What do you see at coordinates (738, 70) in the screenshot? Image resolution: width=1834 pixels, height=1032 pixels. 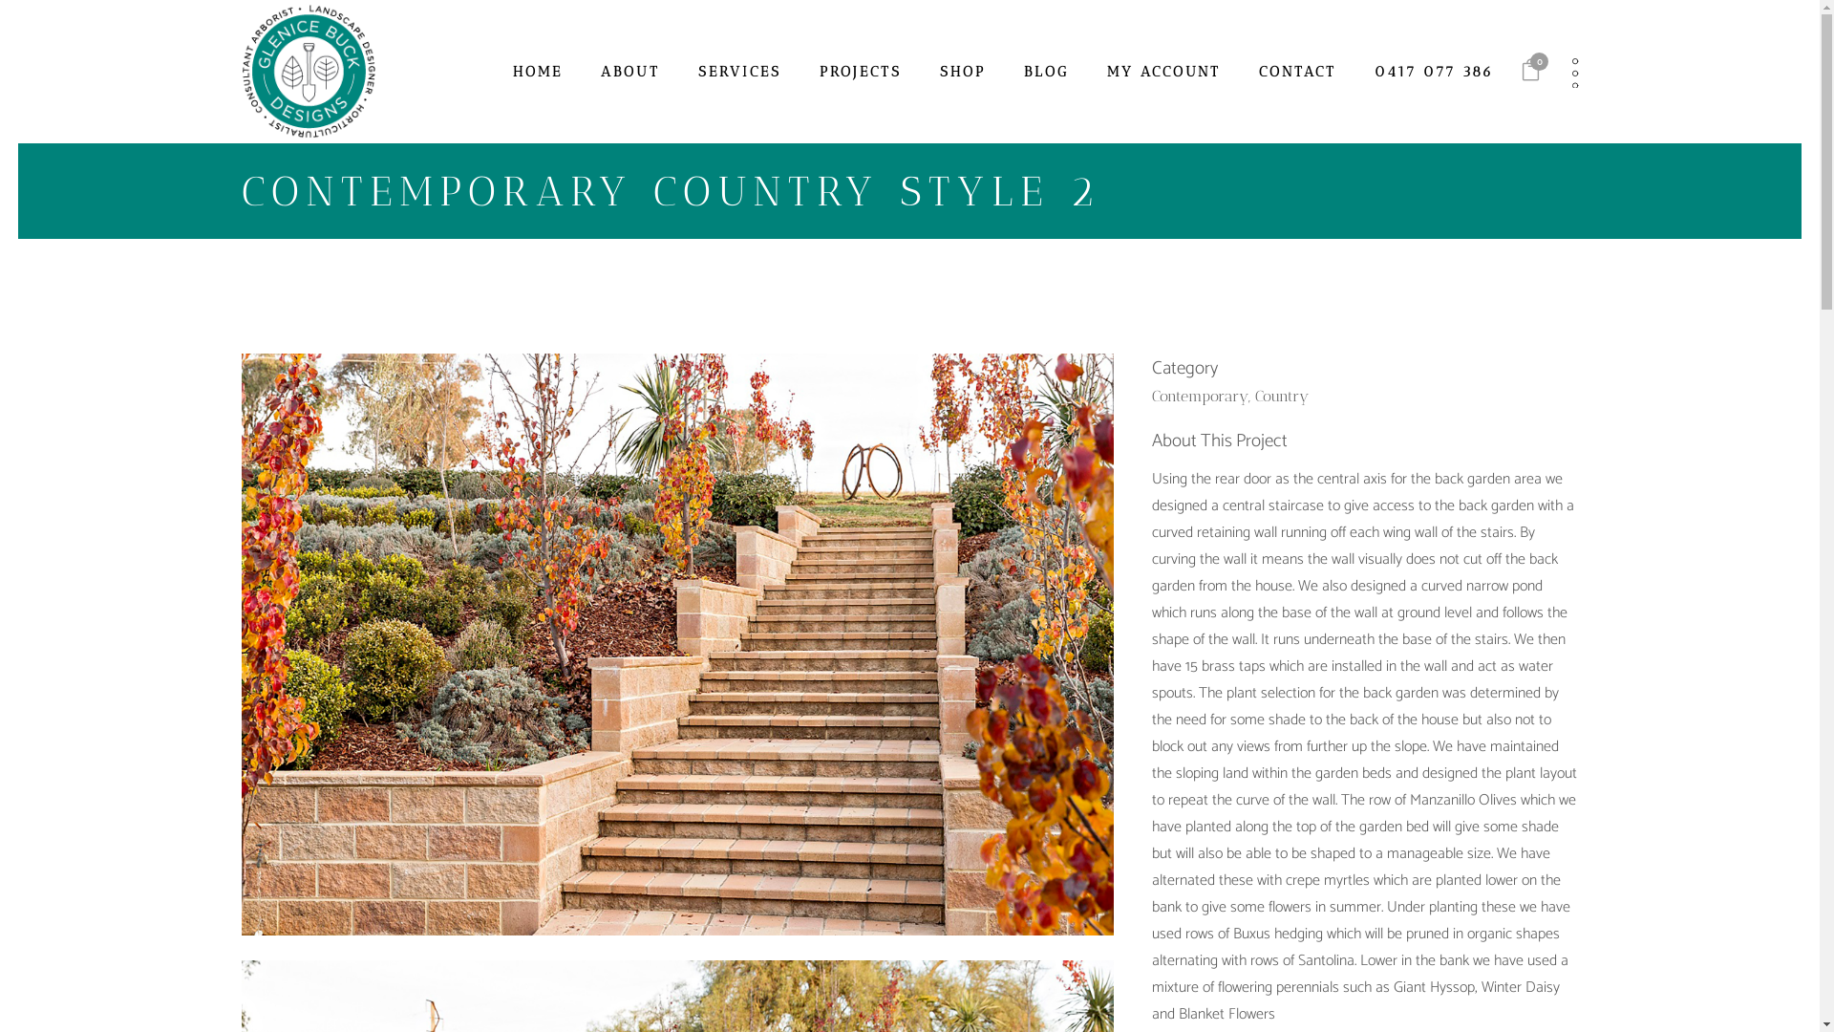 I see `'SERVICES'` at bounding box center [738, 70].